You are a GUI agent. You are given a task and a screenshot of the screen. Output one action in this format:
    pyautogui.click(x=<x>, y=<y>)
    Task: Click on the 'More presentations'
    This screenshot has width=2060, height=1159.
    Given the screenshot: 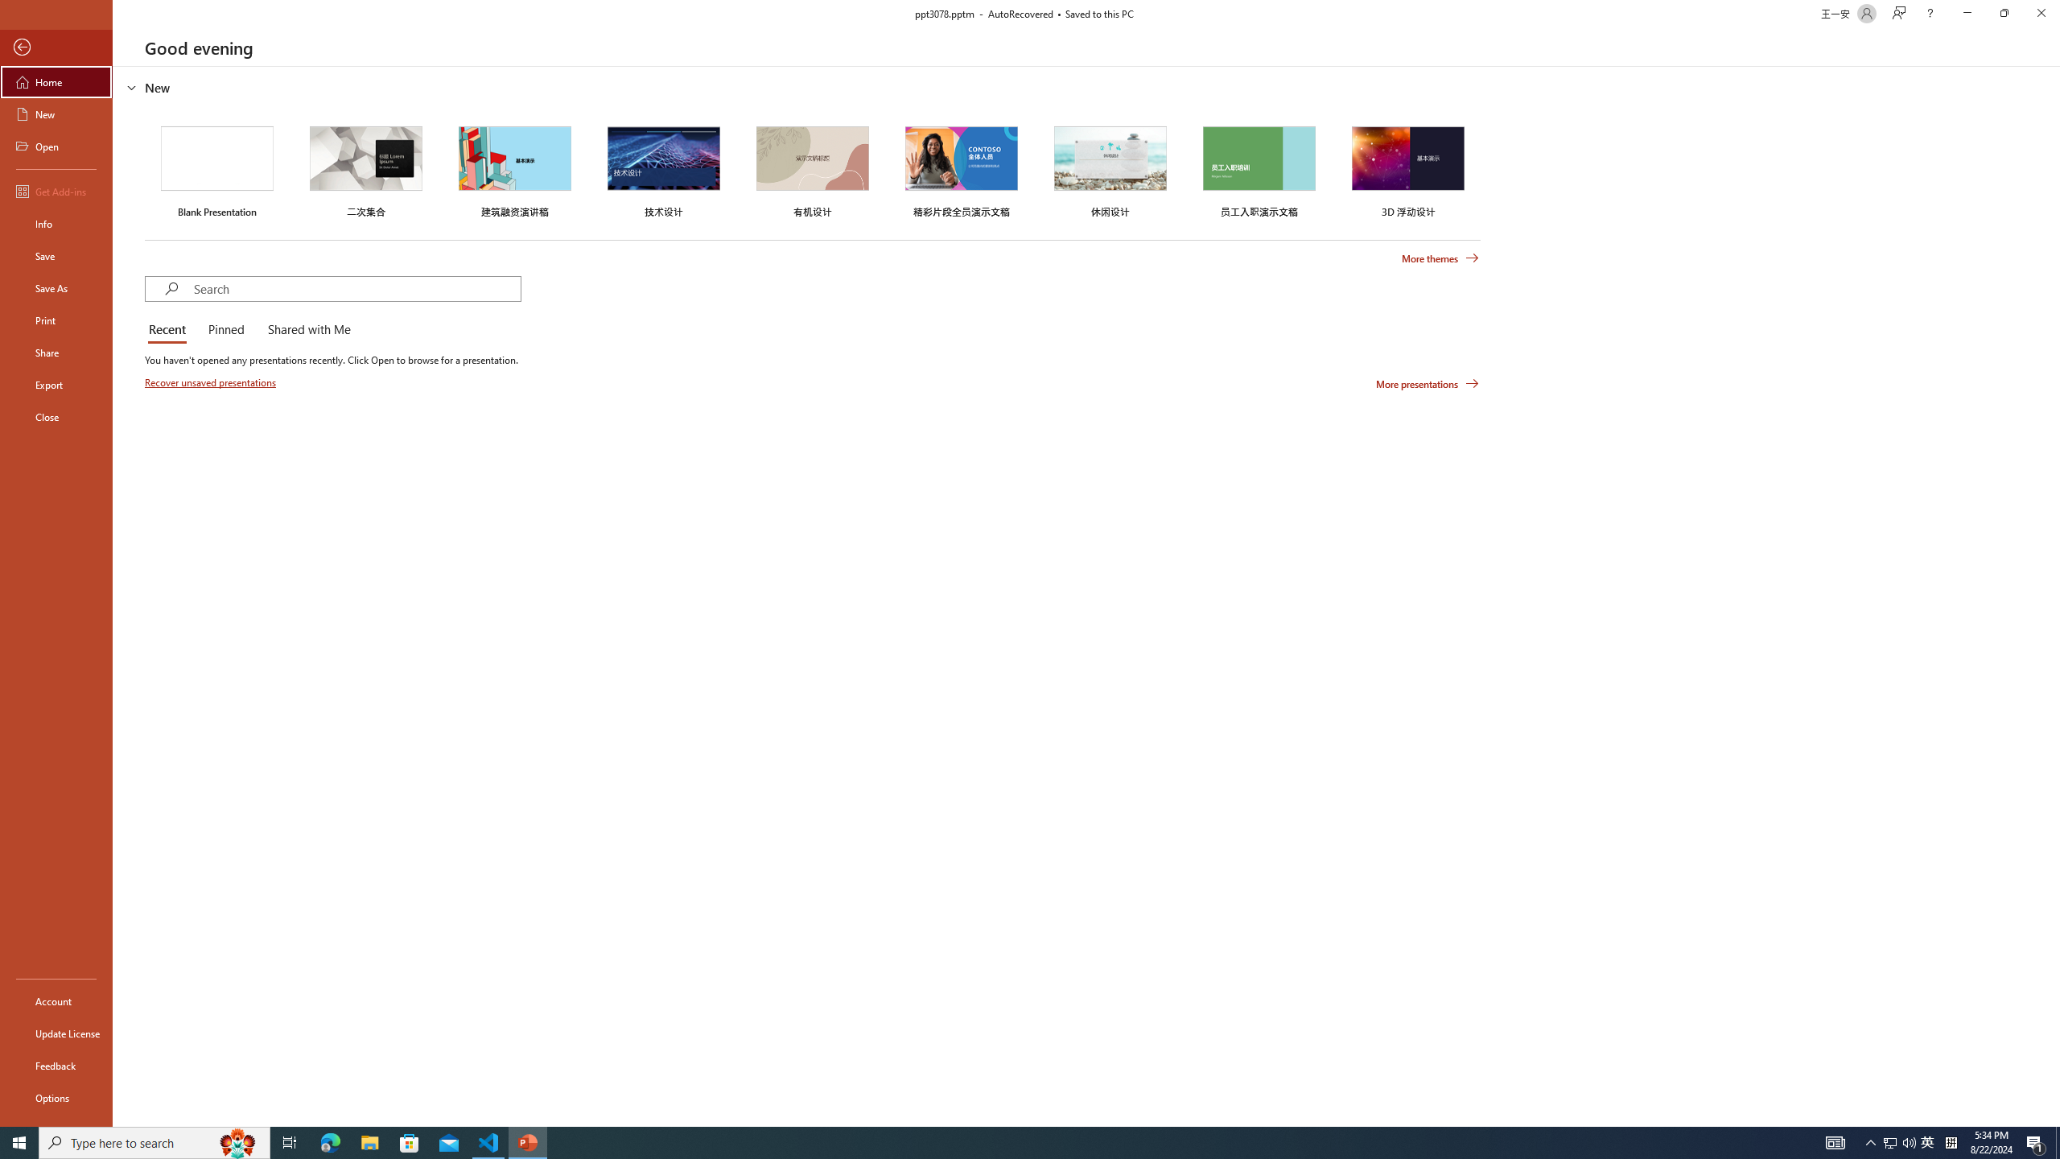 What is the action you would take?
    pyautogui.click(x=1427, y=382)
    